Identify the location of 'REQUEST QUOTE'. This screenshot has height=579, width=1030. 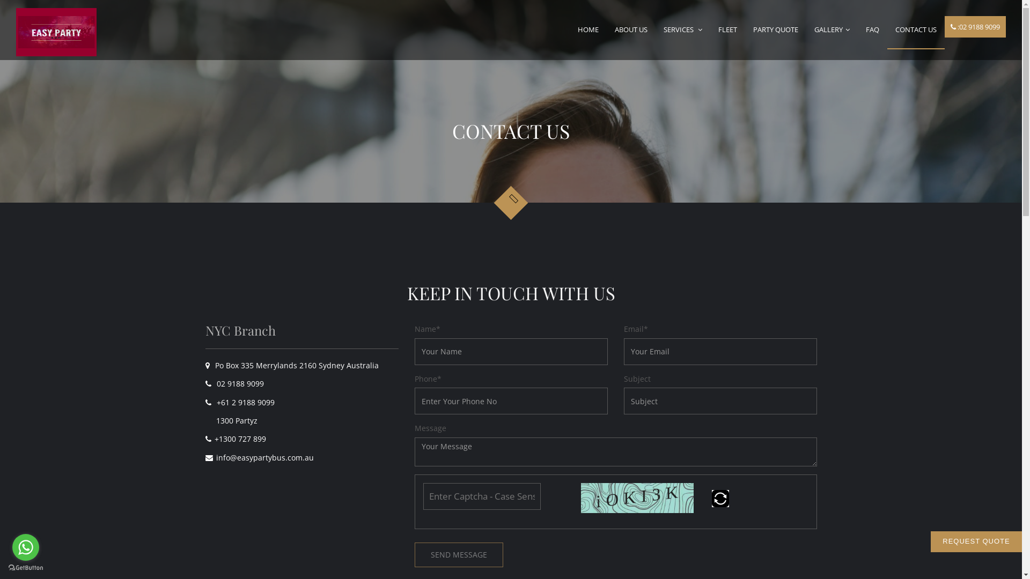
(976, 541).